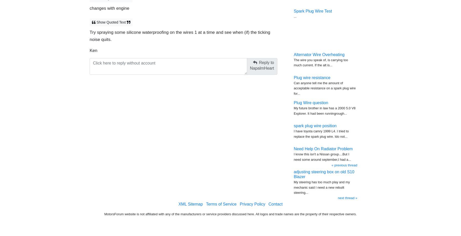 Image resolution: width=461 pixels, height=236 pixels. I want to click on 'MotorsForum website is not affiliated with any of the manufacturers or service providers discussed here.
        All logos and trade names are the property of their respective owners.', so click(230, 213).